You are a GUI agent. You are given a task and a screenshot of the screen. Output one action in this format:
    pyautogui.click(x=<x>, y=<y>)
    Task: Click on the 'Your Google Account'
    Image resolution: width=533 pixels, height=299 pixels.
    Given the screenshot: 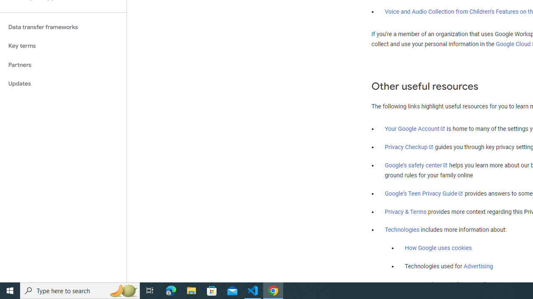 What is the action you would take?
    pyautogui.click(x=415, y=128)
    